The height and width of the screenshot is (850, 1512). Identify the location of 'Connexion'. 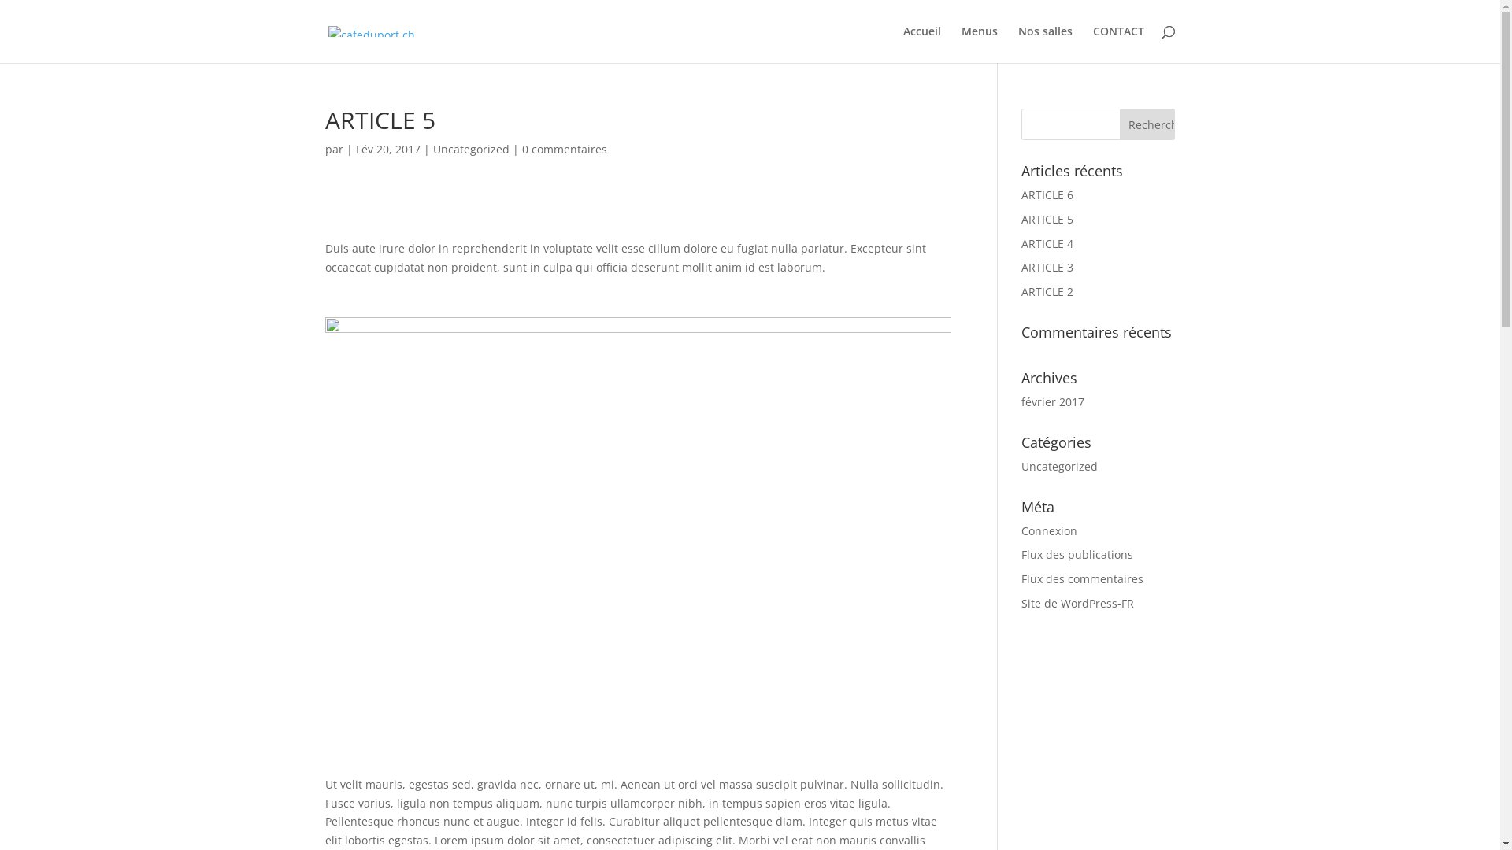
(1049, 530).